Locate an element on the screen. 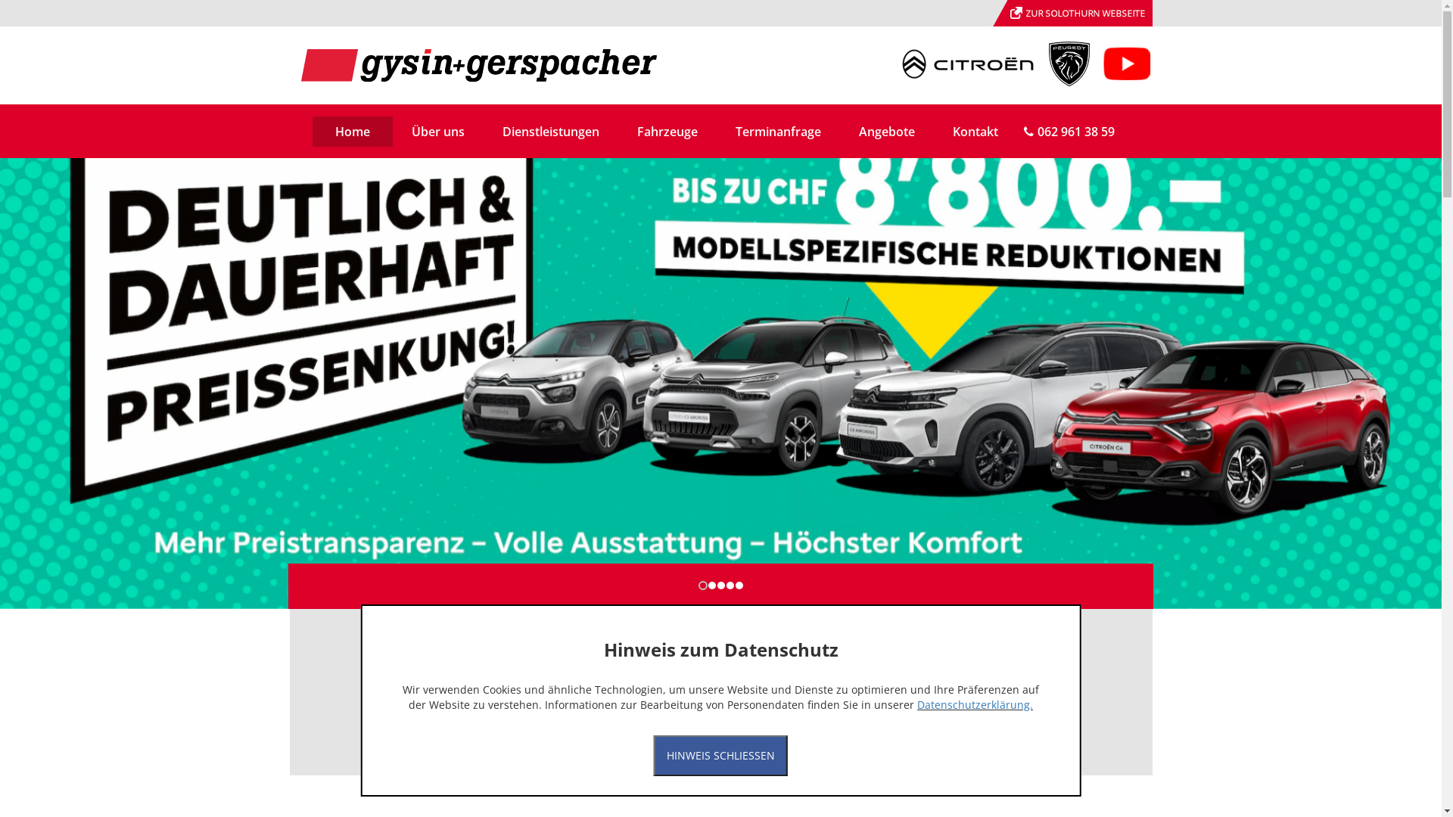 The width and height of the screenshot is (1453, 817). 'Fahrzeuge' is located at coordinates (618, 130).